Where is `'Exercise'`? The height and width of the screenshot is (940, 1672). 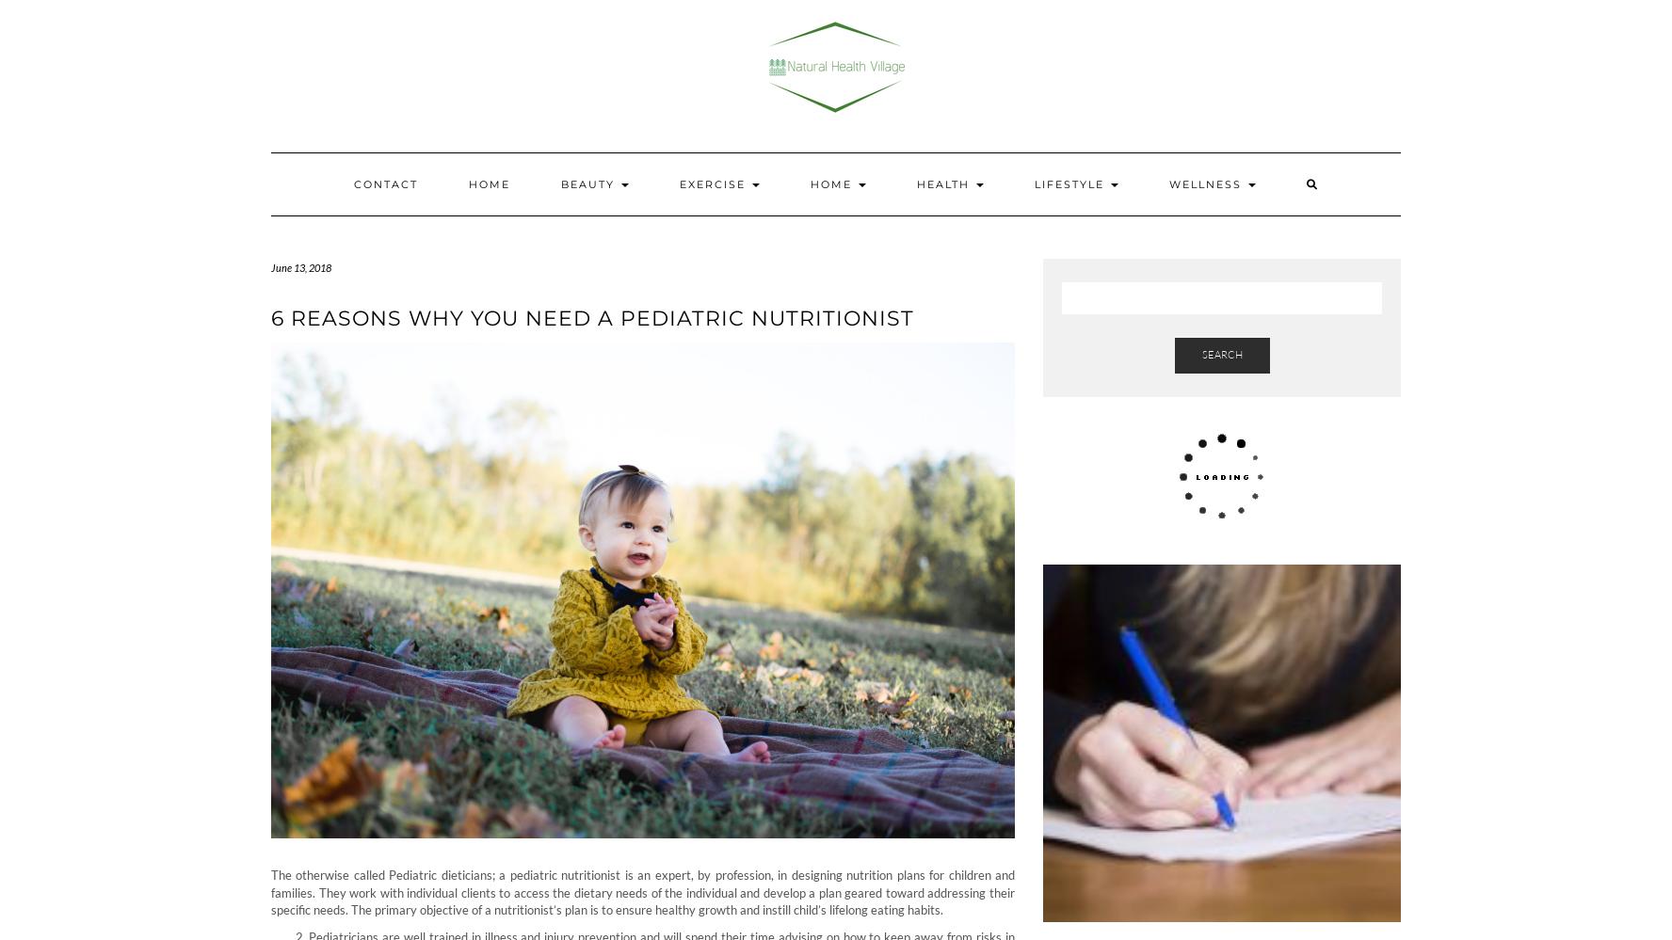 'Exercise' is located at coordinates (713, 183).